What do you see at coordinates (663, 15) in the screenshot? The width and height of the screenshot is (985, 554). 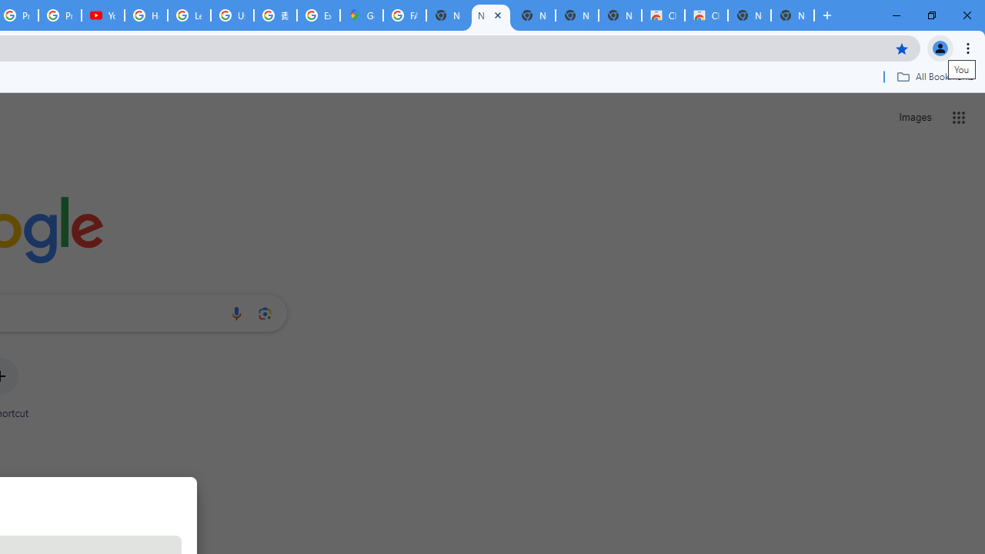 I see `'Classic Blue - Chrome Web Store'` at bounding box center [663, 15].